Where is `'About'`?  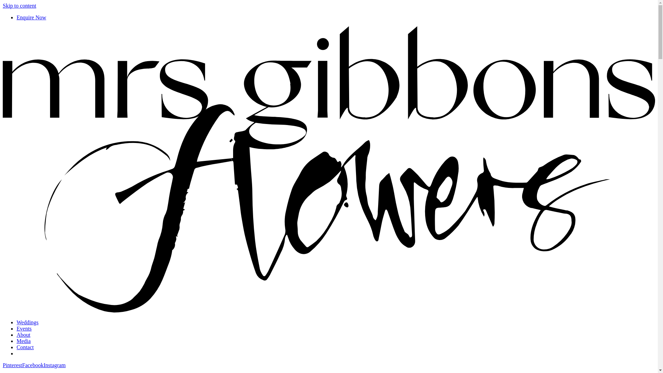 'About' is located at coordinates (23, 334).